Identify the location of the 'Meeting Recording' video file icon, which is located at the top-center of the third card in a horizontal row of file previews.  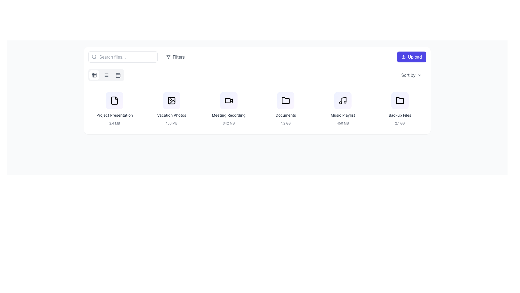
(229, 100).